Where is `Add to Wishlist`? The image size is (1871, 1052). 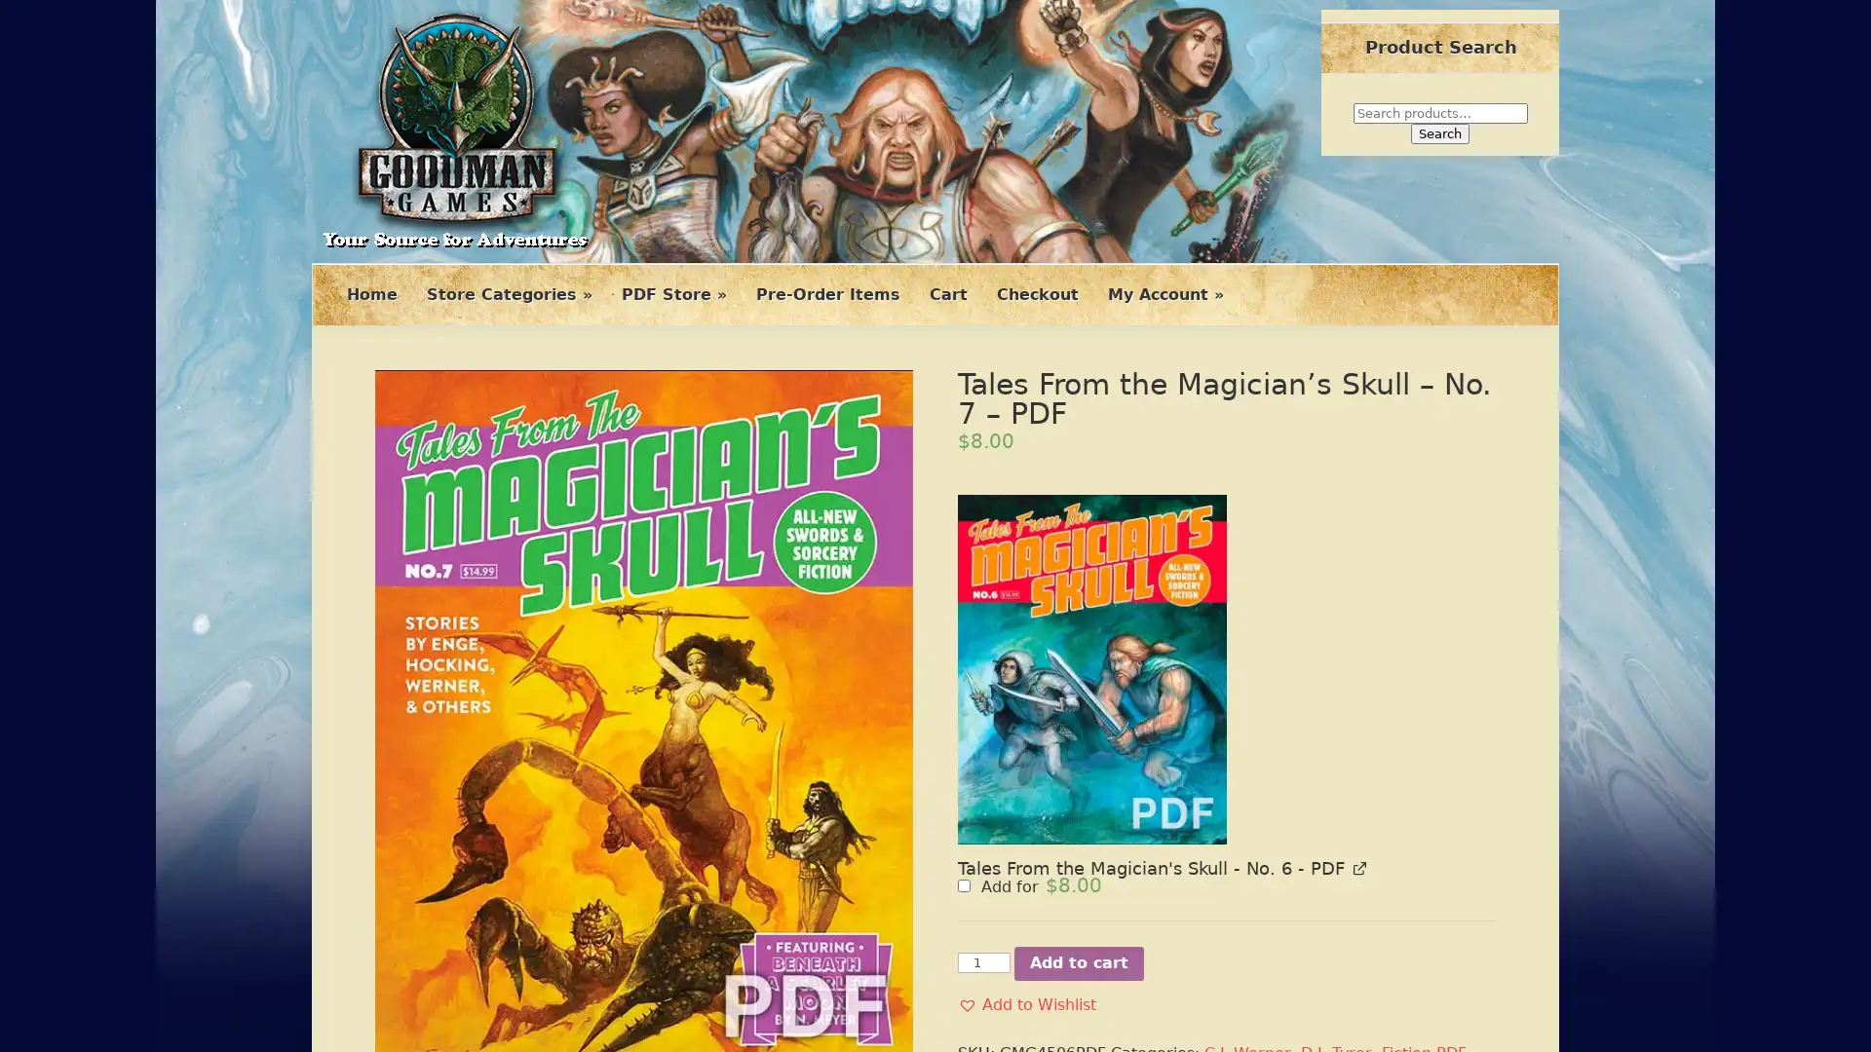
Add to Wishlist is located at coordinates (1026, 744).